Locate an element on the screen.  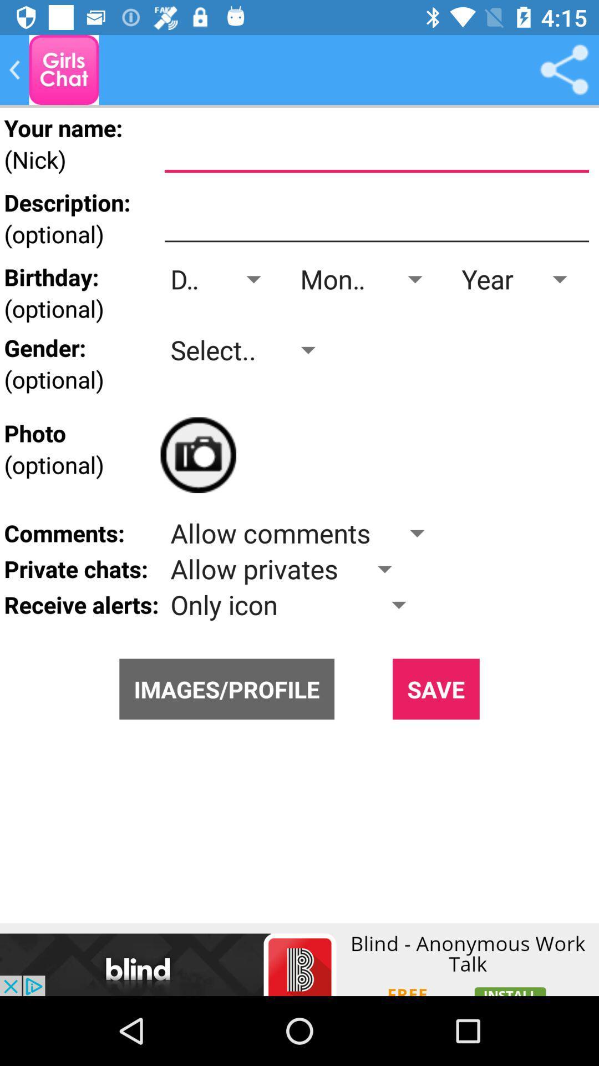
go back is located at coordinates (14, 69).